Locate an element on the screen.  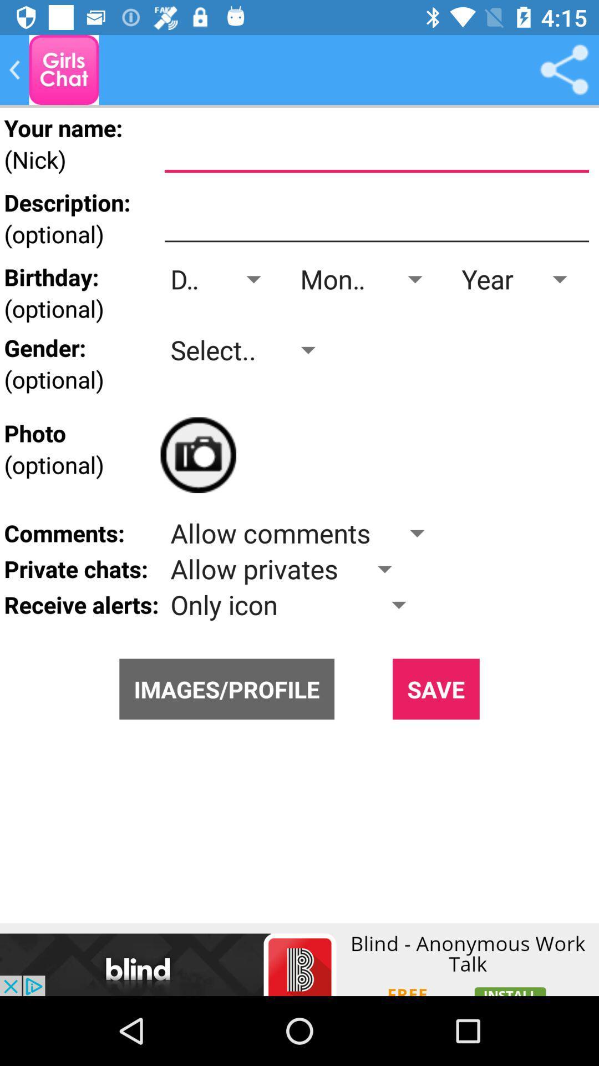
go back is located at coordinates (14, 69).